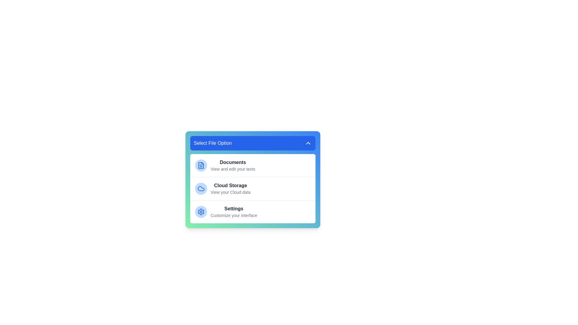 This screenshot has width=578, height=325. What do you see at coordinates (201, 212) in the screenshot?
I see `the 'Settings' icon located at the leftmost part of the third row in the dropdown menu` at bounding box center [201, 212].